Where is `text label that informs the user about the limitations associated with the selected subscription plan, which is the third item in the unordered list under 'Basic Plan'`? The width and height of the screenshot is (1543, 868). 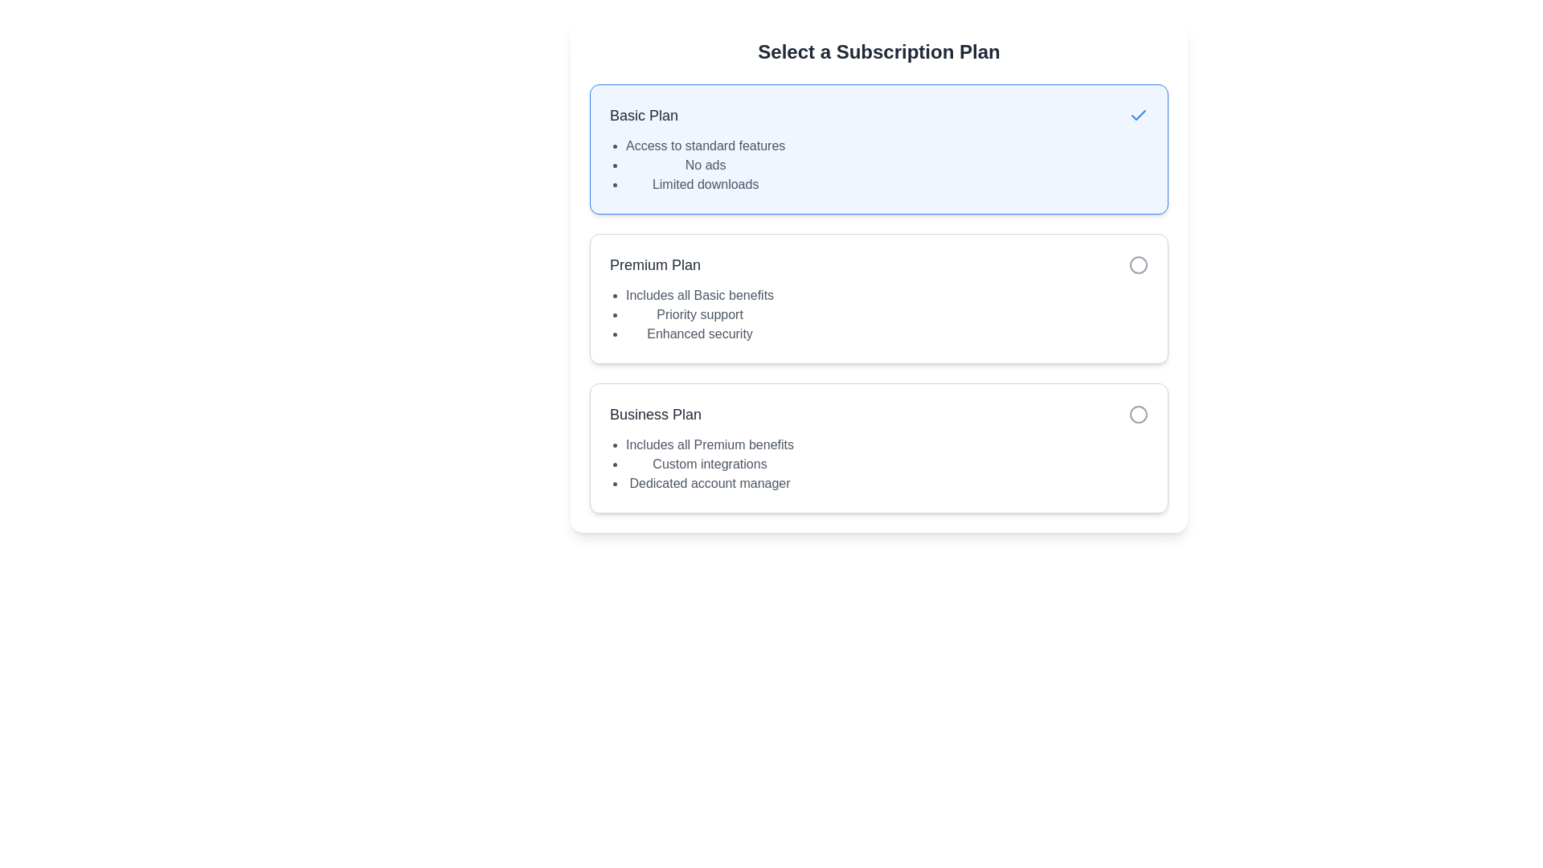 text label that informs the user about the limitations associated with the selected subscription plan, which is the third item in the unordered list under 'Basic Plan' is located at coordinates (706, 184).